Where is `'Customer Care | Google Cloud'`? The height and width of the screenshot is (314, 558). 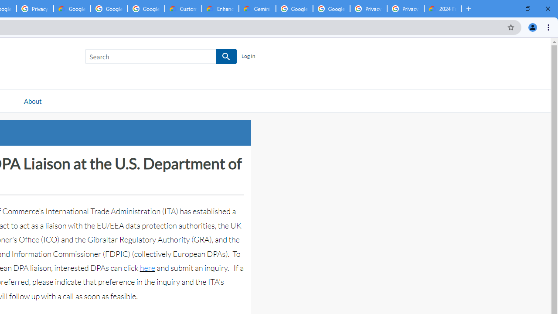
'Customer Care | Google Cloud' is located at coordinates (183, 9).